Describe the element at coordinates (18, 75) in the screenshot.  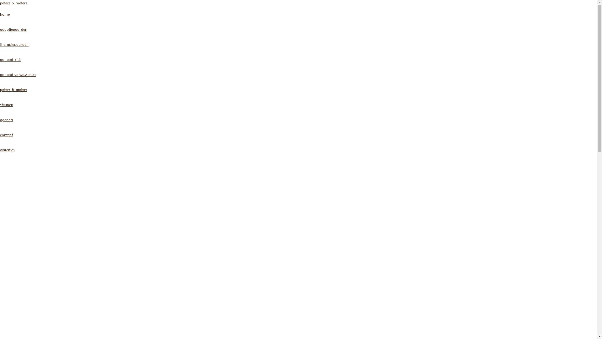
I see `'aanbod volwassenen'` at that location.